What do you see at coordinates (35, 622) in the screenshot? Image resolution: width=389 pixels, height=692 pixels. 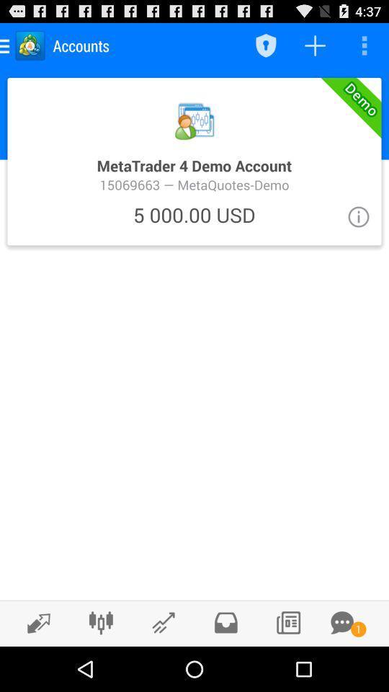 I see `new trades` at bounding box center [35, 622].